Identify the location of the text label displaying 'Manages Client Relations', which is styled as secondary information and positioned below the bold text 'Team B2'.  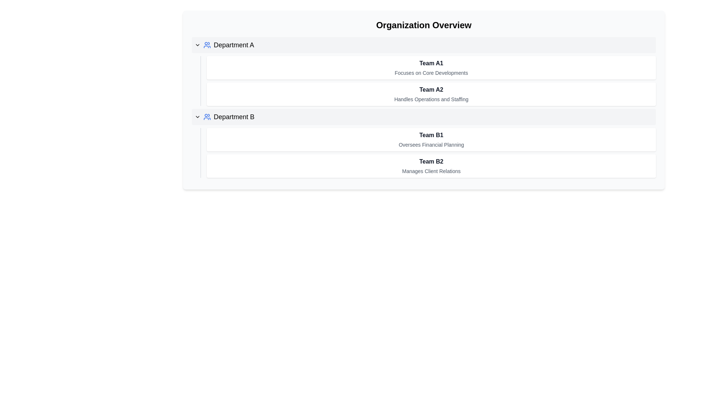
(431, 171).